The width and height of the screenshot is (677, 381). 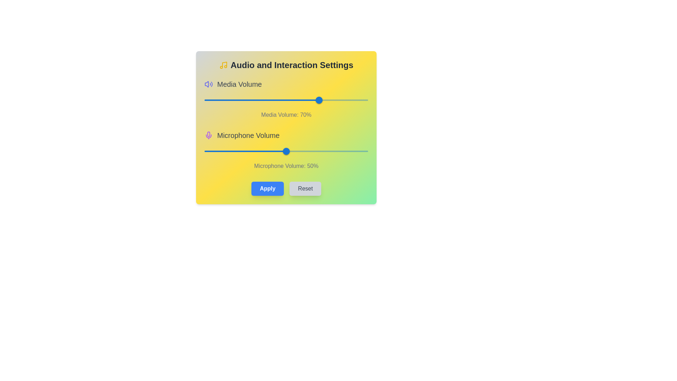 I want to click on the 'Apply' button with a blue background and white text located at the bottom center of the 'Audio and Interaction Settings' card for keyboard interaction, so click(x=267, y=188).